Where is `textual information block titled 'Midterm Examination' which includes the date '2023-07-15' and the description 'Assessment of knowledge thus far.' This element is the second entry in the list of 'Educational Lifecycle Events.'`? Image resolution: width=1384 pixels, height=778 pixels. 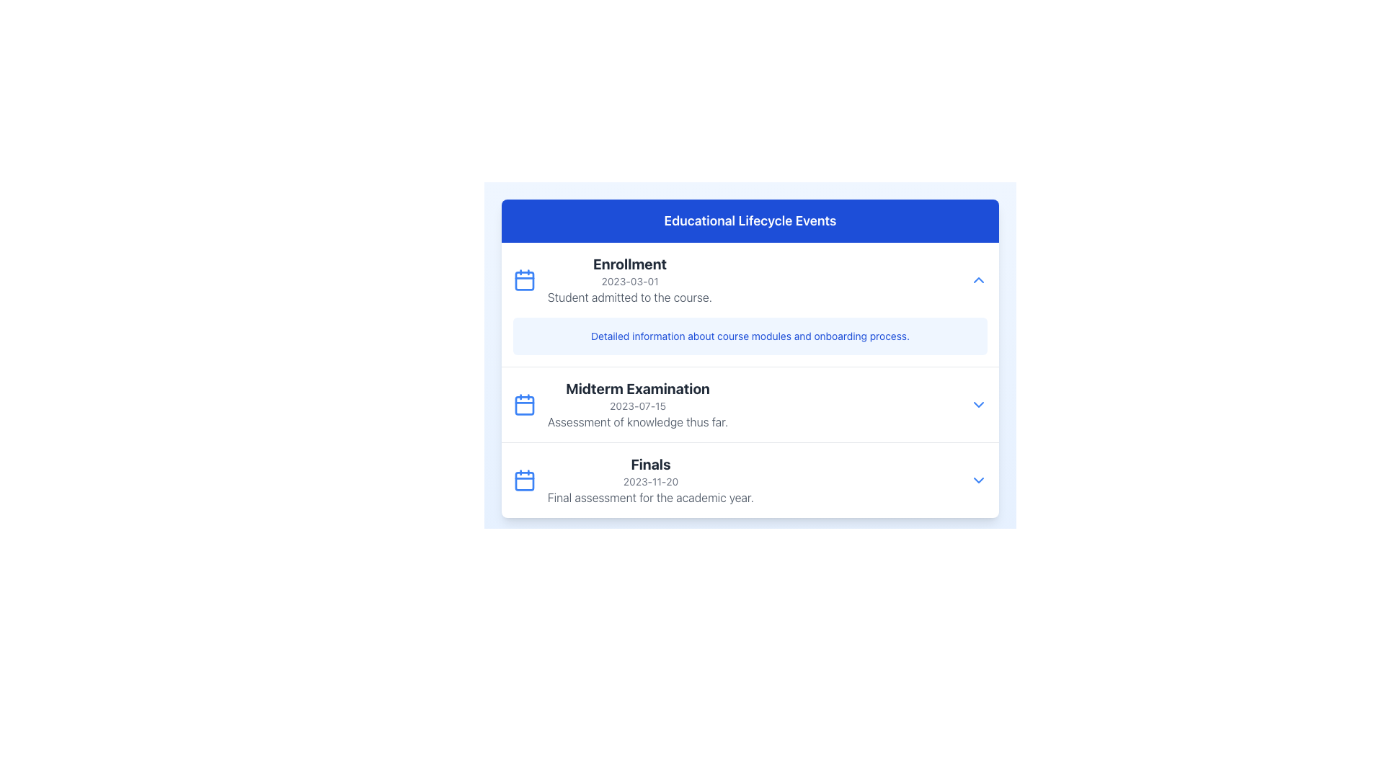
textual information block titled 'Midterm Examination' which includes the date '2023-07-15' and the description 'Assessment of knowledge thus far.' This element is the second entry in the list of 'Educational Lifecycle Events.' is located at coordinates (637, 405).